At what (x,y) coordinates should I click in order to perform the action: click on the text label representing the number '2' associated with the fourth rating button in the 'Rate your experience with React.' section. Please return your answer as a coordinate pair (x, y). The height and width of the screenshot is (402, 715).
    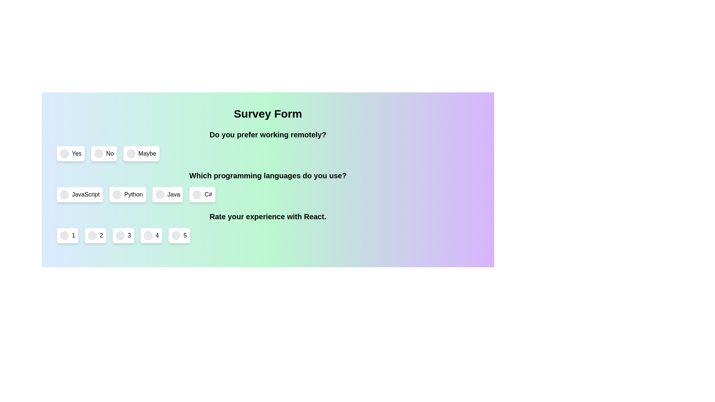
    Looking at the image, I should click on (101, 235).